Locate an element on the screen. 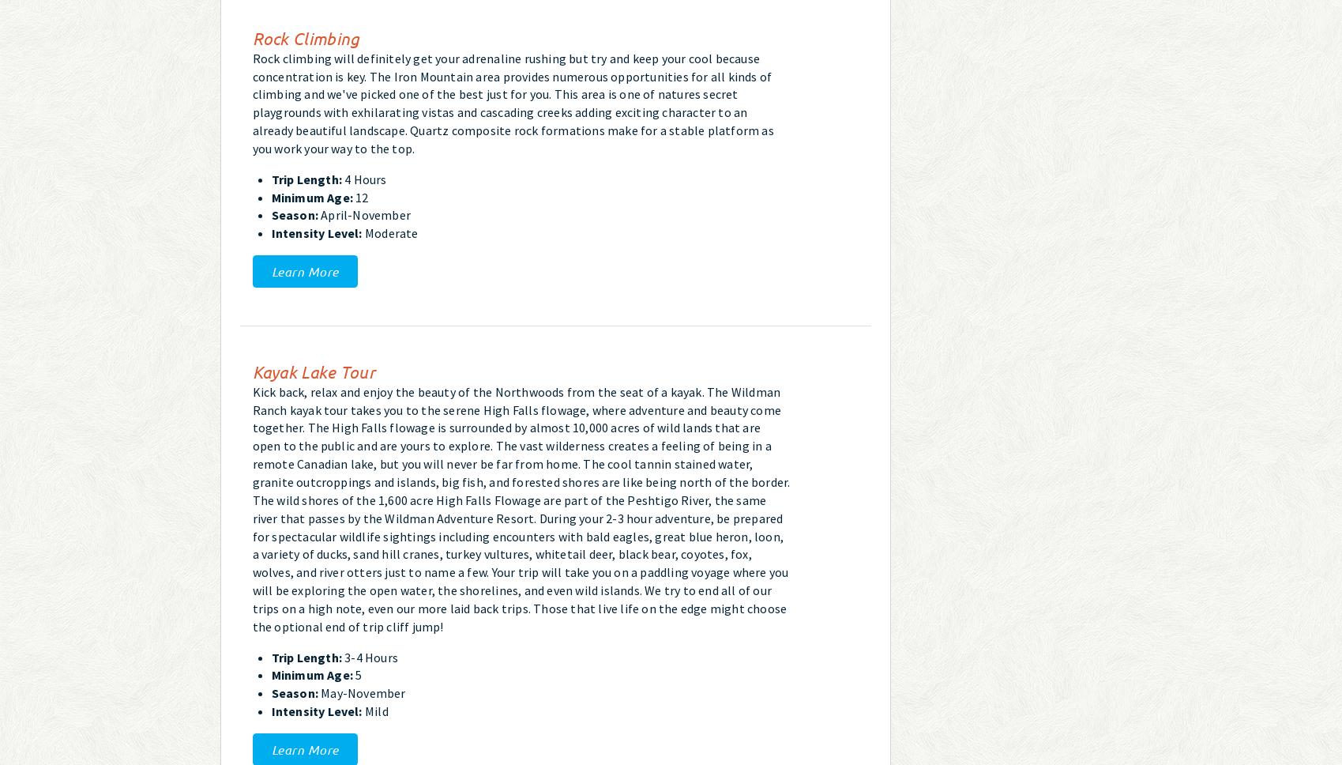  'Kick back, relax and enjoy the beauty of the Northwoods from the seat of a kayak. The Wildman Ranch kayak tour takes you to the serene High Falls flowage, where adventure and beauty come together. The High Falls flowage is surrounded by almost 10,000 acres of wild lands that are open to the public and are yours to explore. The vast wilderness creates a feeling of being in a remote Canadian lake, but you will never be far from home. The cool tannin stained water, granite outcroppings and islands, big fish, and forested shores are like being north of the border. The wild shores of the 1,600 acre High Falls Flowage are part of the Peshtigo River, the same river that passes by the Wildman Adventure Resort. During your 2-3 hour adventure, be prepared for spectacular wildlife sightings including encounters with bald eagles, great blue heron, loon, a variety of ducks, sand hill cranes, turkey vultures, whitetail deer, black bear, coyotes, fox, wolves, and river otters just to name a few. Your trip will take you on a paddling voyage where you will be exploring the open water, the shorelines, and even wild islands. We try to end all of our trips on a high note, even our more laid back trips. Those that live life on the edge might choose the optional end of trip cliff jump!' is located at coordinates (521, 507).